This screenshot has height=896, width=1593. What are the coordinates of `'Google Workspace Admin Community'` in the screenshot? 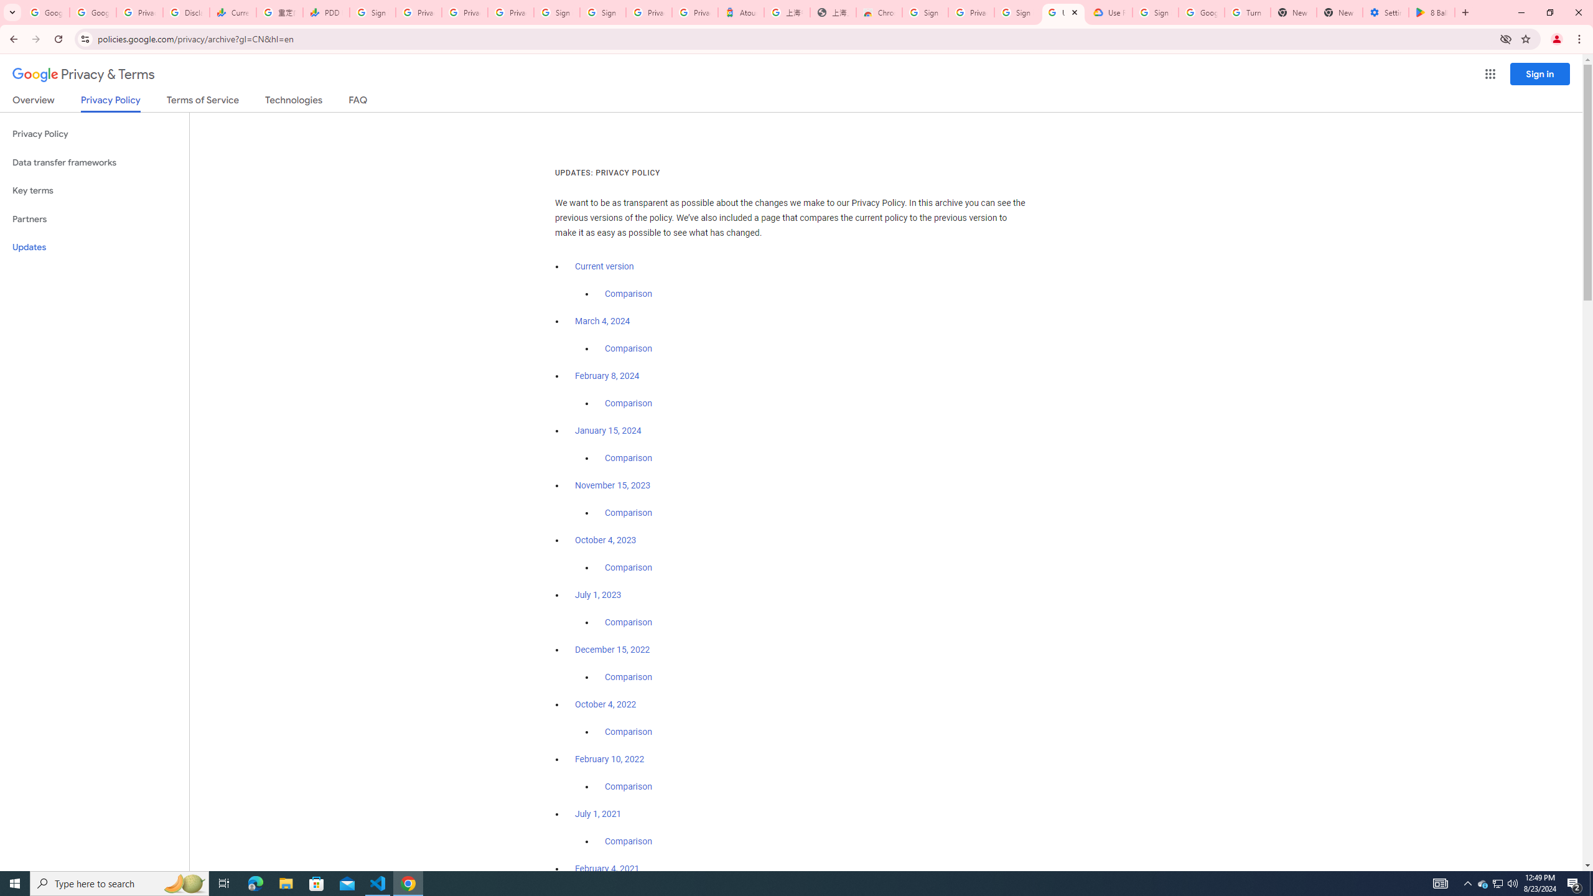 It's located at (45, 12).